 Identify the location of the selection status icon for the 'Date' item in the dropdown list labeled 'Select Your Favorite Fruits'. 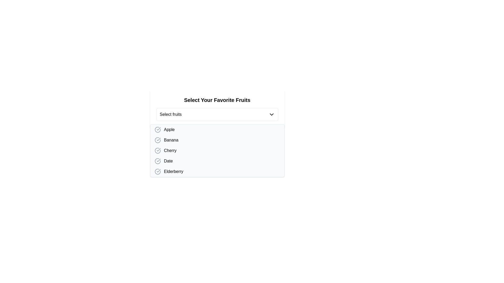
(157, 161).